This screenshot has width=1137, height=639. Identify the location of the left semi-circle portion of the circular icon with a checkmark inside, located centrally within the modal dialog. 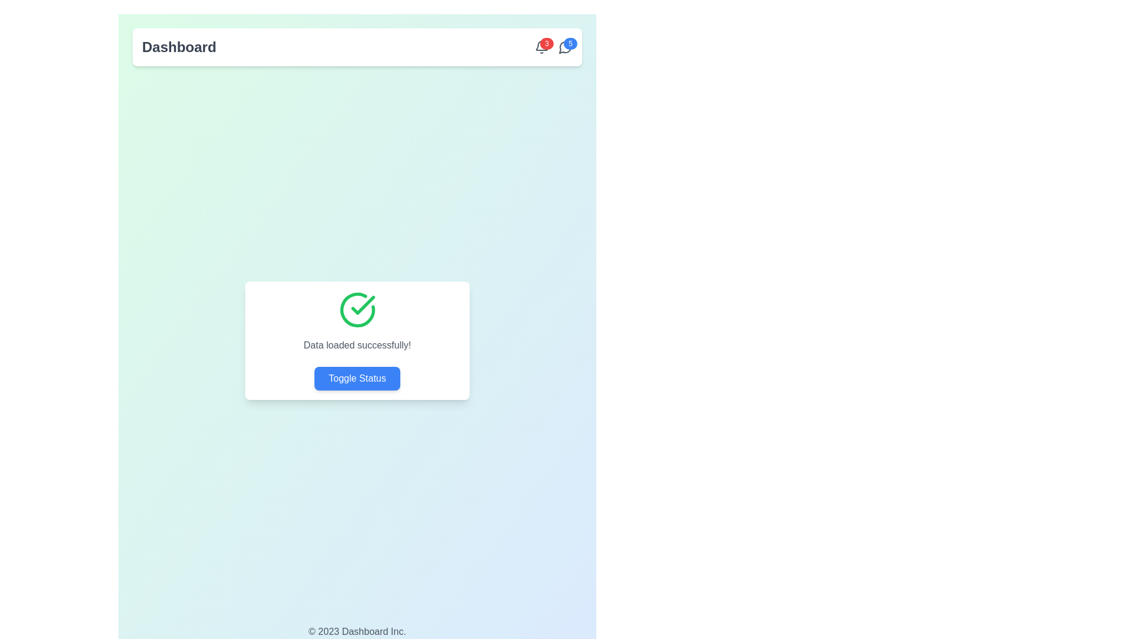
(356, 309).